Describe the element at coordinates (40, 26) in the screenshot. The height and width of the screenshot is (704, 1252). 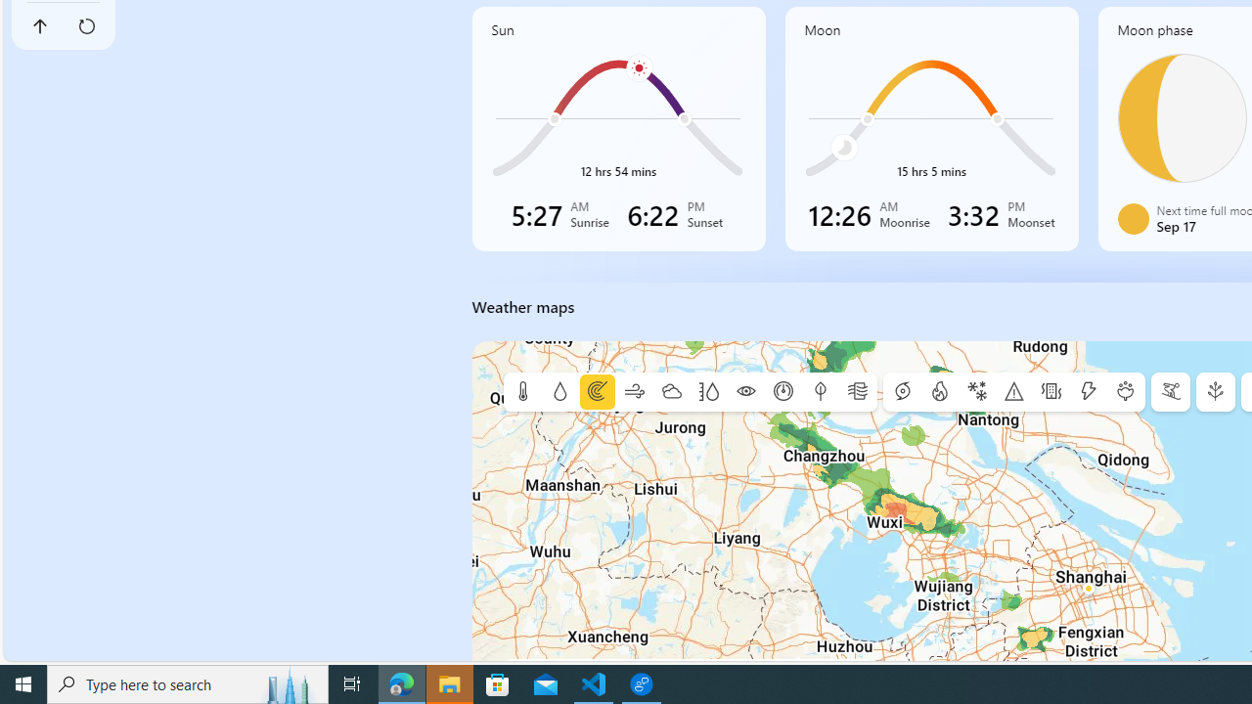
I see `'Back to top'` at that location.